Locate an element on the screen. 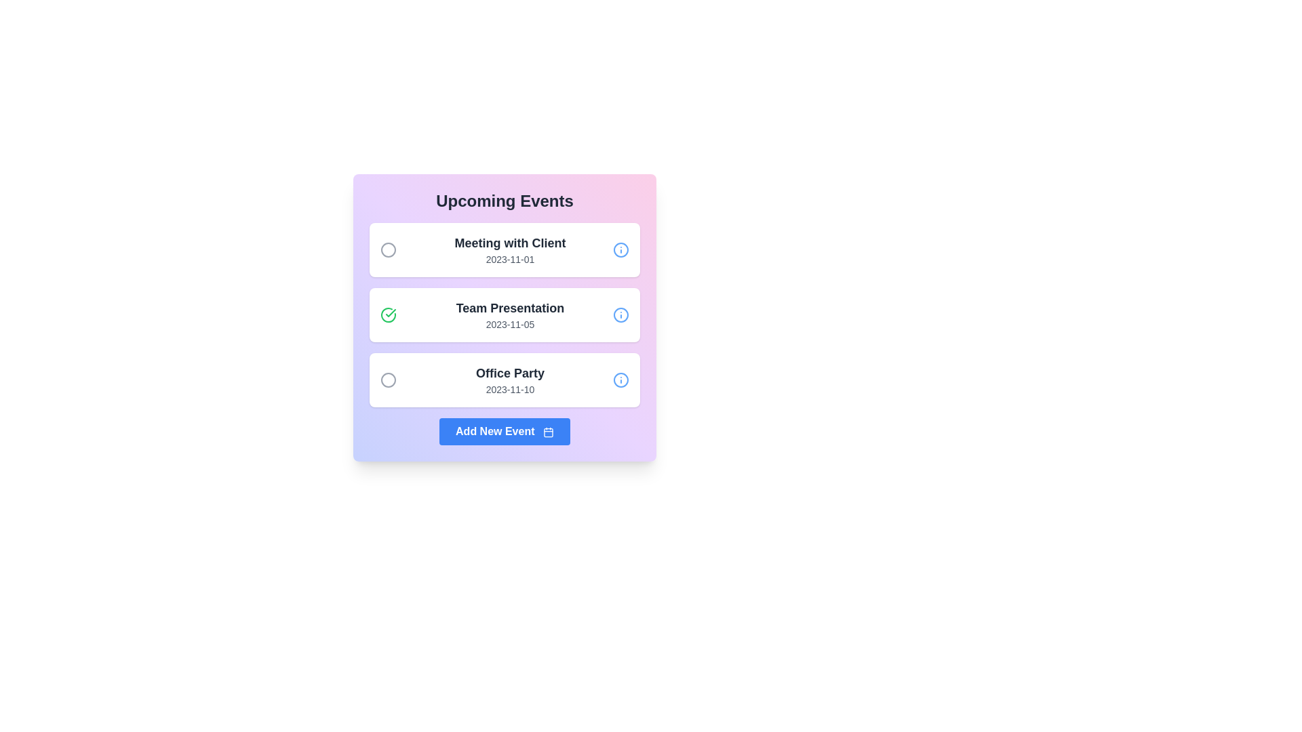  the non-interactive text label displaying the date for the 'Team Presentation' event, located below the title is located at coordinates (509, 324).